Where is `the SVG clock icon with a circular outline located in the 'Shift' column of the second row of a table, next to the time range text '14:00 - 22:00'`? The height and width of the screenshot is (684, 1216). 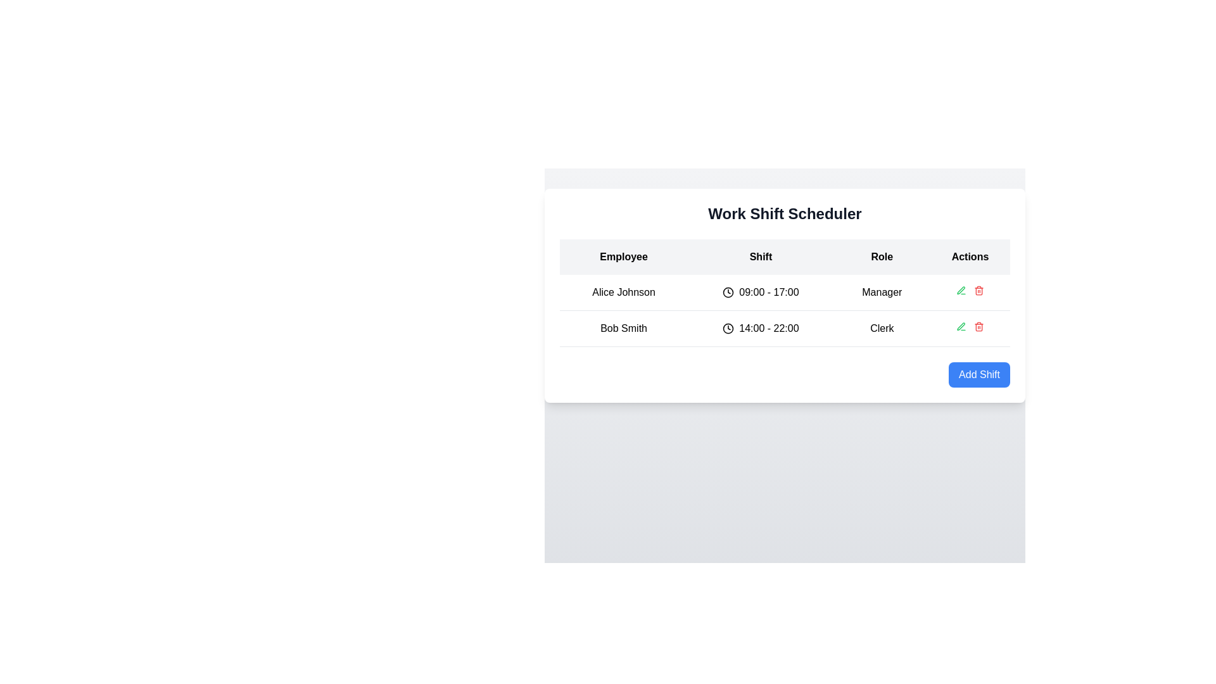 the SVG clock icon with a circular outline located in the 'Shift' column of the second row of a table, next to the time range text '14:00 - 22:00' is located at coordinates (728, 328).